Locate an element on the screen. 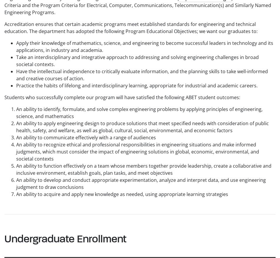 This screenshot has width=280, height=258. 'An ability to identify, formulate, and solve complex engineering problems by applying principles of engineering, science, and mathematics' is located at coordinates (139, 112).